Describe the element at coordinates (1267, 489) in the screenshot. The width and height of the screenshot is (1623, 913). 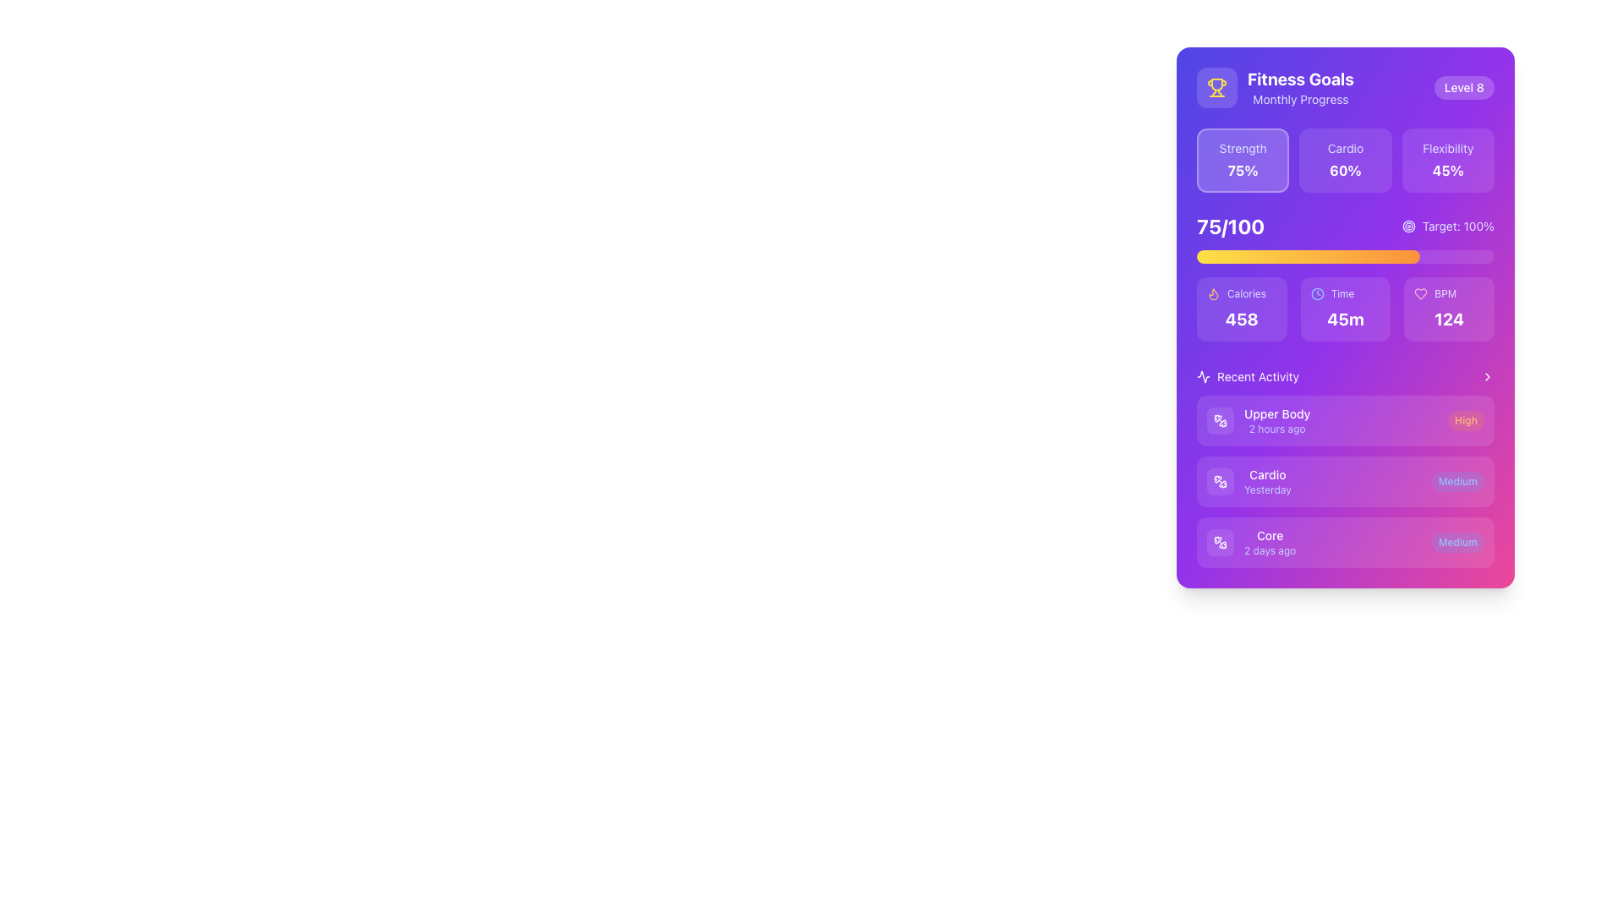
I see `text content of the 'Yesterday' label located in the second entry of the 'Recent Activity' section under 'Cardio'` at that location.